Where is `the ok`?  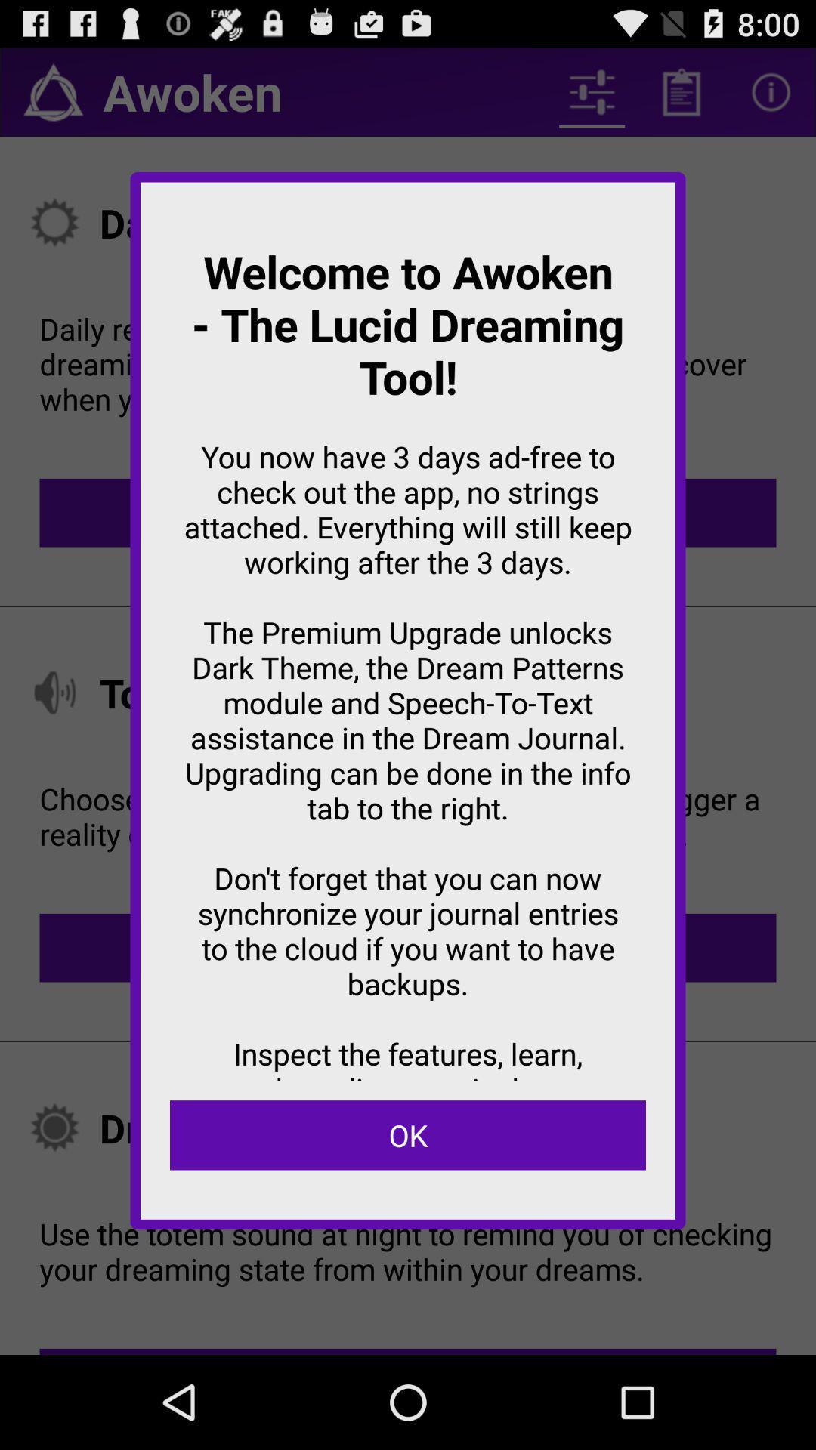 the ok is located at coordinates (408, 1135).